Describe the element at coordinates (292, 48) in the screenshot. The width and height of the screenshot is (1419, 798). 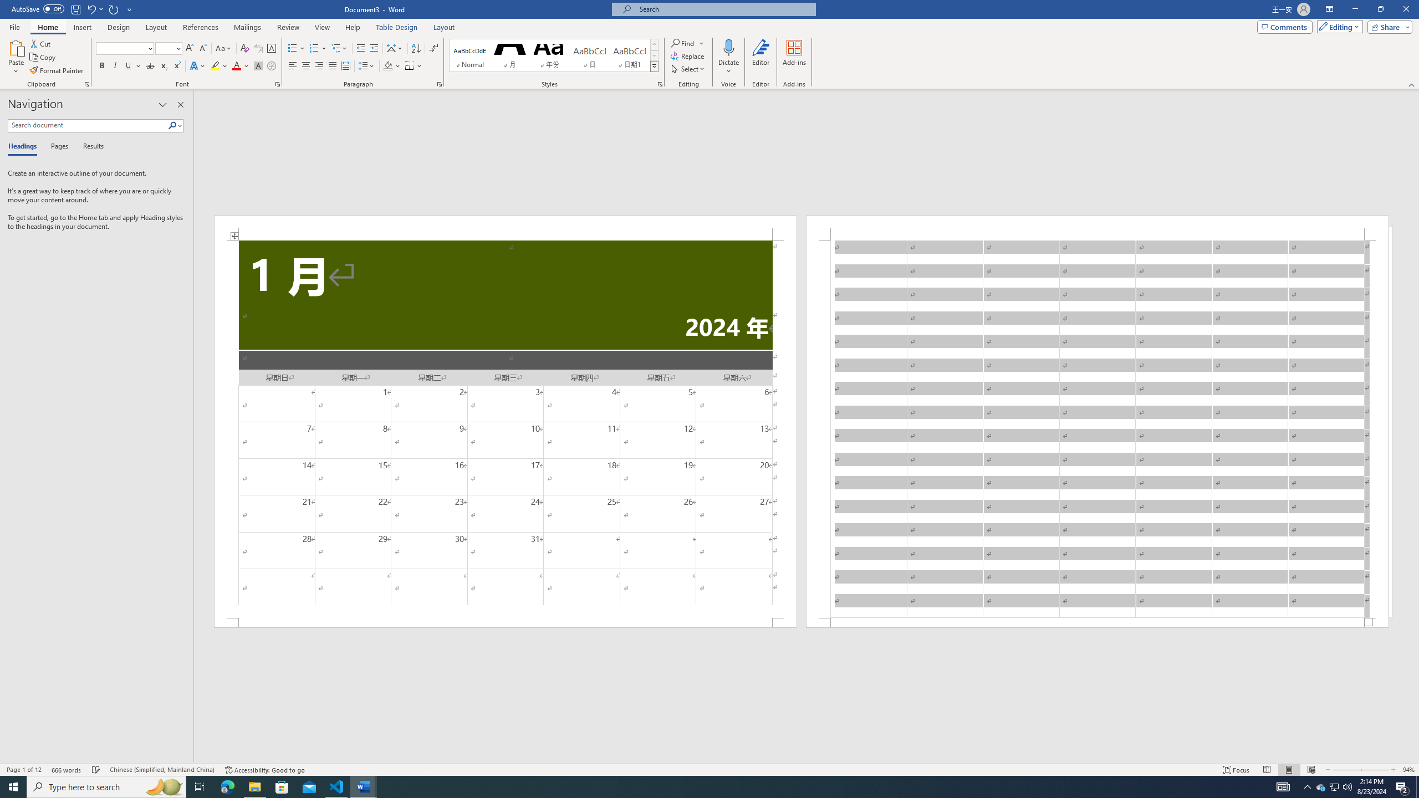
I see `'Bullets'` at that location.